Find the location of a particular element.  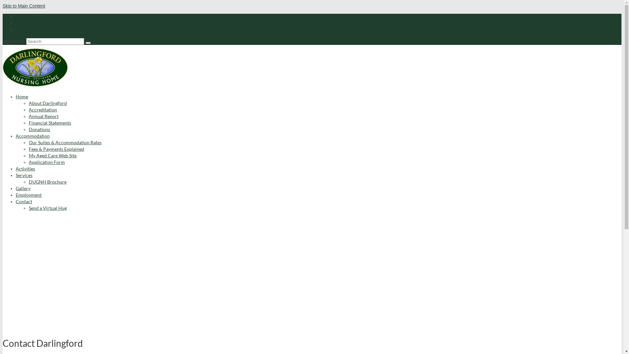

'Accommodation' is located at coordinates (32, 135).